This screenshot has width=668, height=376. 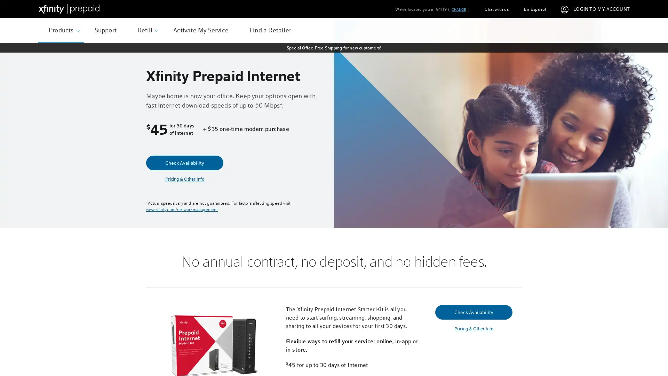 I want to click on Check Availability, so click(x=185, y=163).